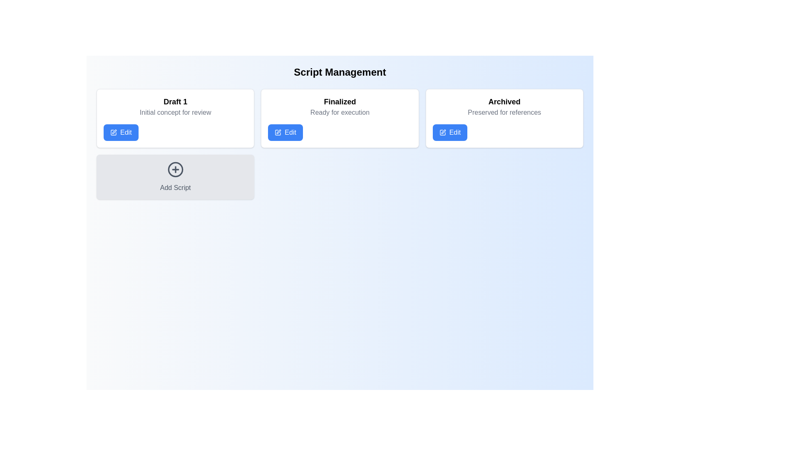 This screenshot has height=449, width=799. What do you see at coordinates (442, 132) in the screenshot?
I see `outer border square of the SVG icon on the blue 'Edit' button in the 'Archived' section of the 'Script Management' interface using developer tools` at bounding box center [442, 132].